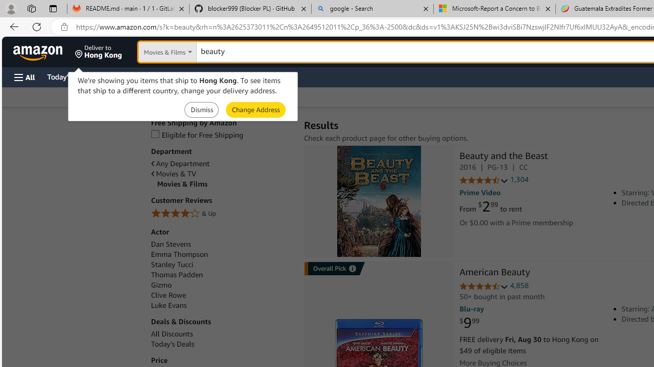 The width and height of the screenshot is (654, 367). What do you see at coordinates (495, 273) in the screenshot?
I see `'American Beauty'` at bounding box center [495, 273].